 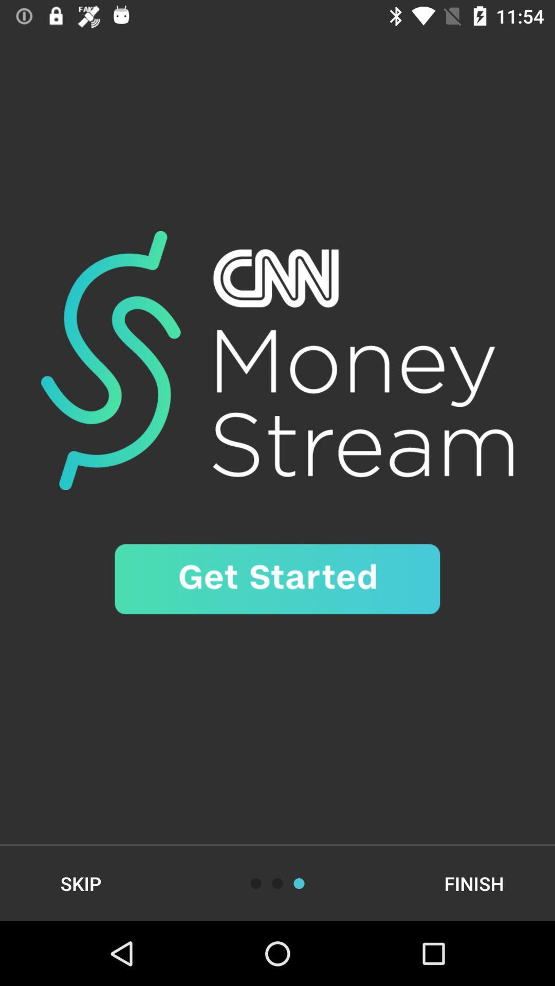 I want to click on skip icon, so click(x=80, y=883).